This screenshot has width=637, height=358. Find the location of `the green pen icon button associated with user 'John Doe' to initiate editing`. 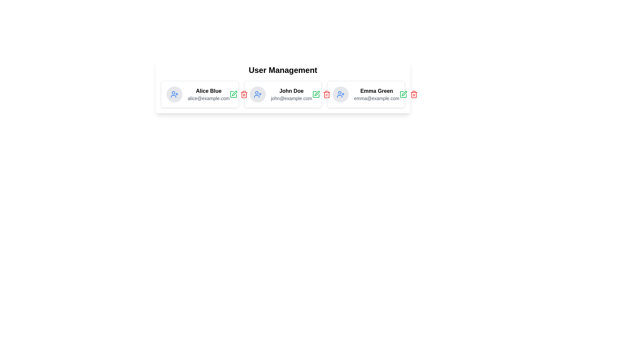

the green pen icon button associated with user 'John Doe' to initiate editing is located at coordinates (316, 94).